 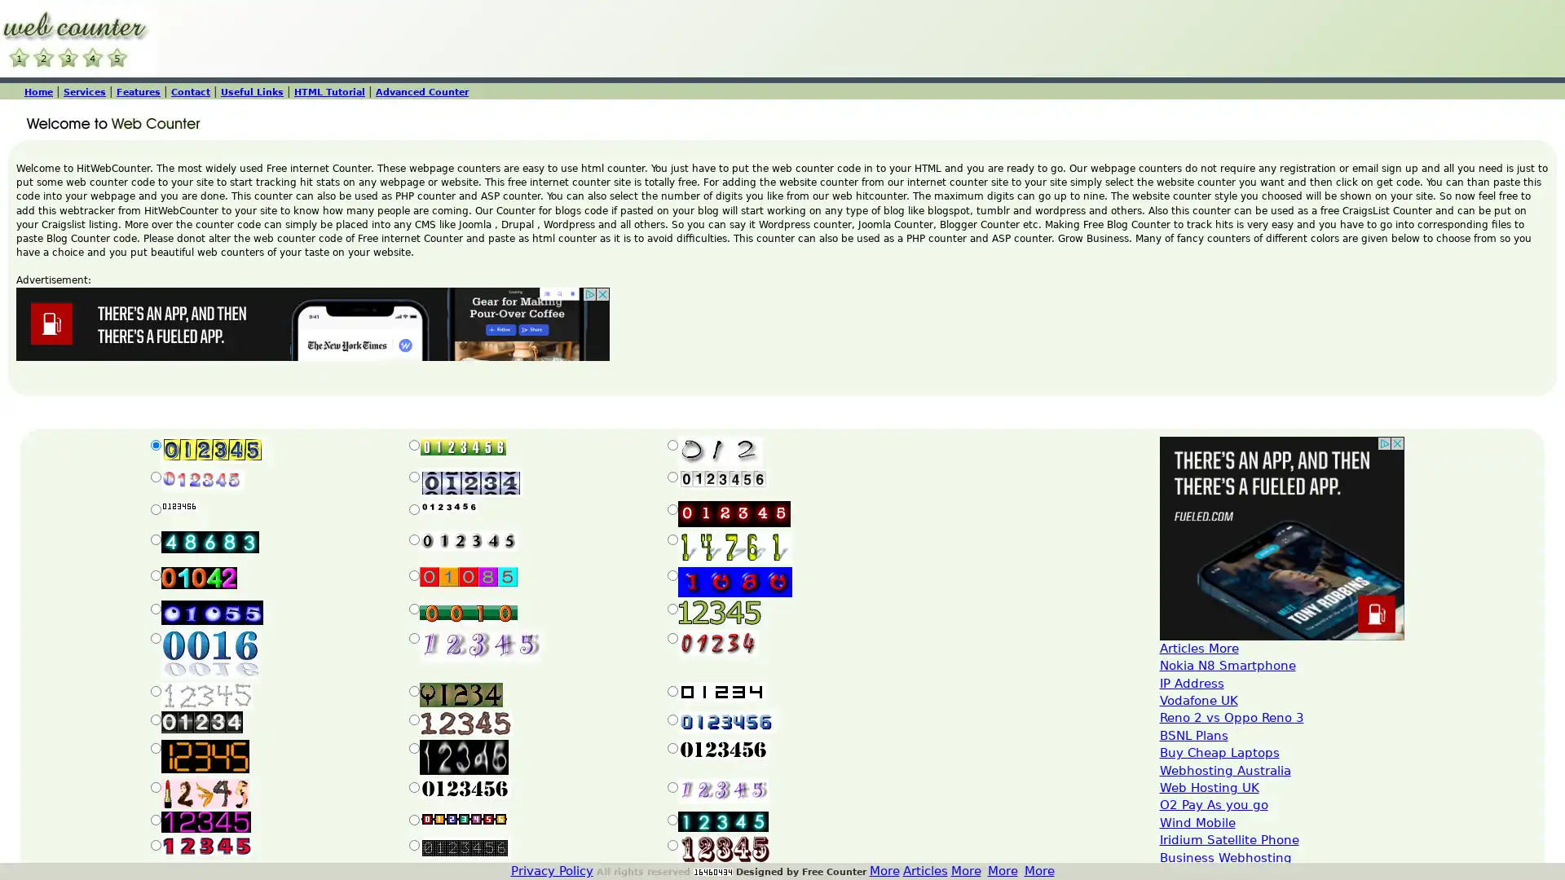 I want to click on Submit, so click(x=722, y=750).